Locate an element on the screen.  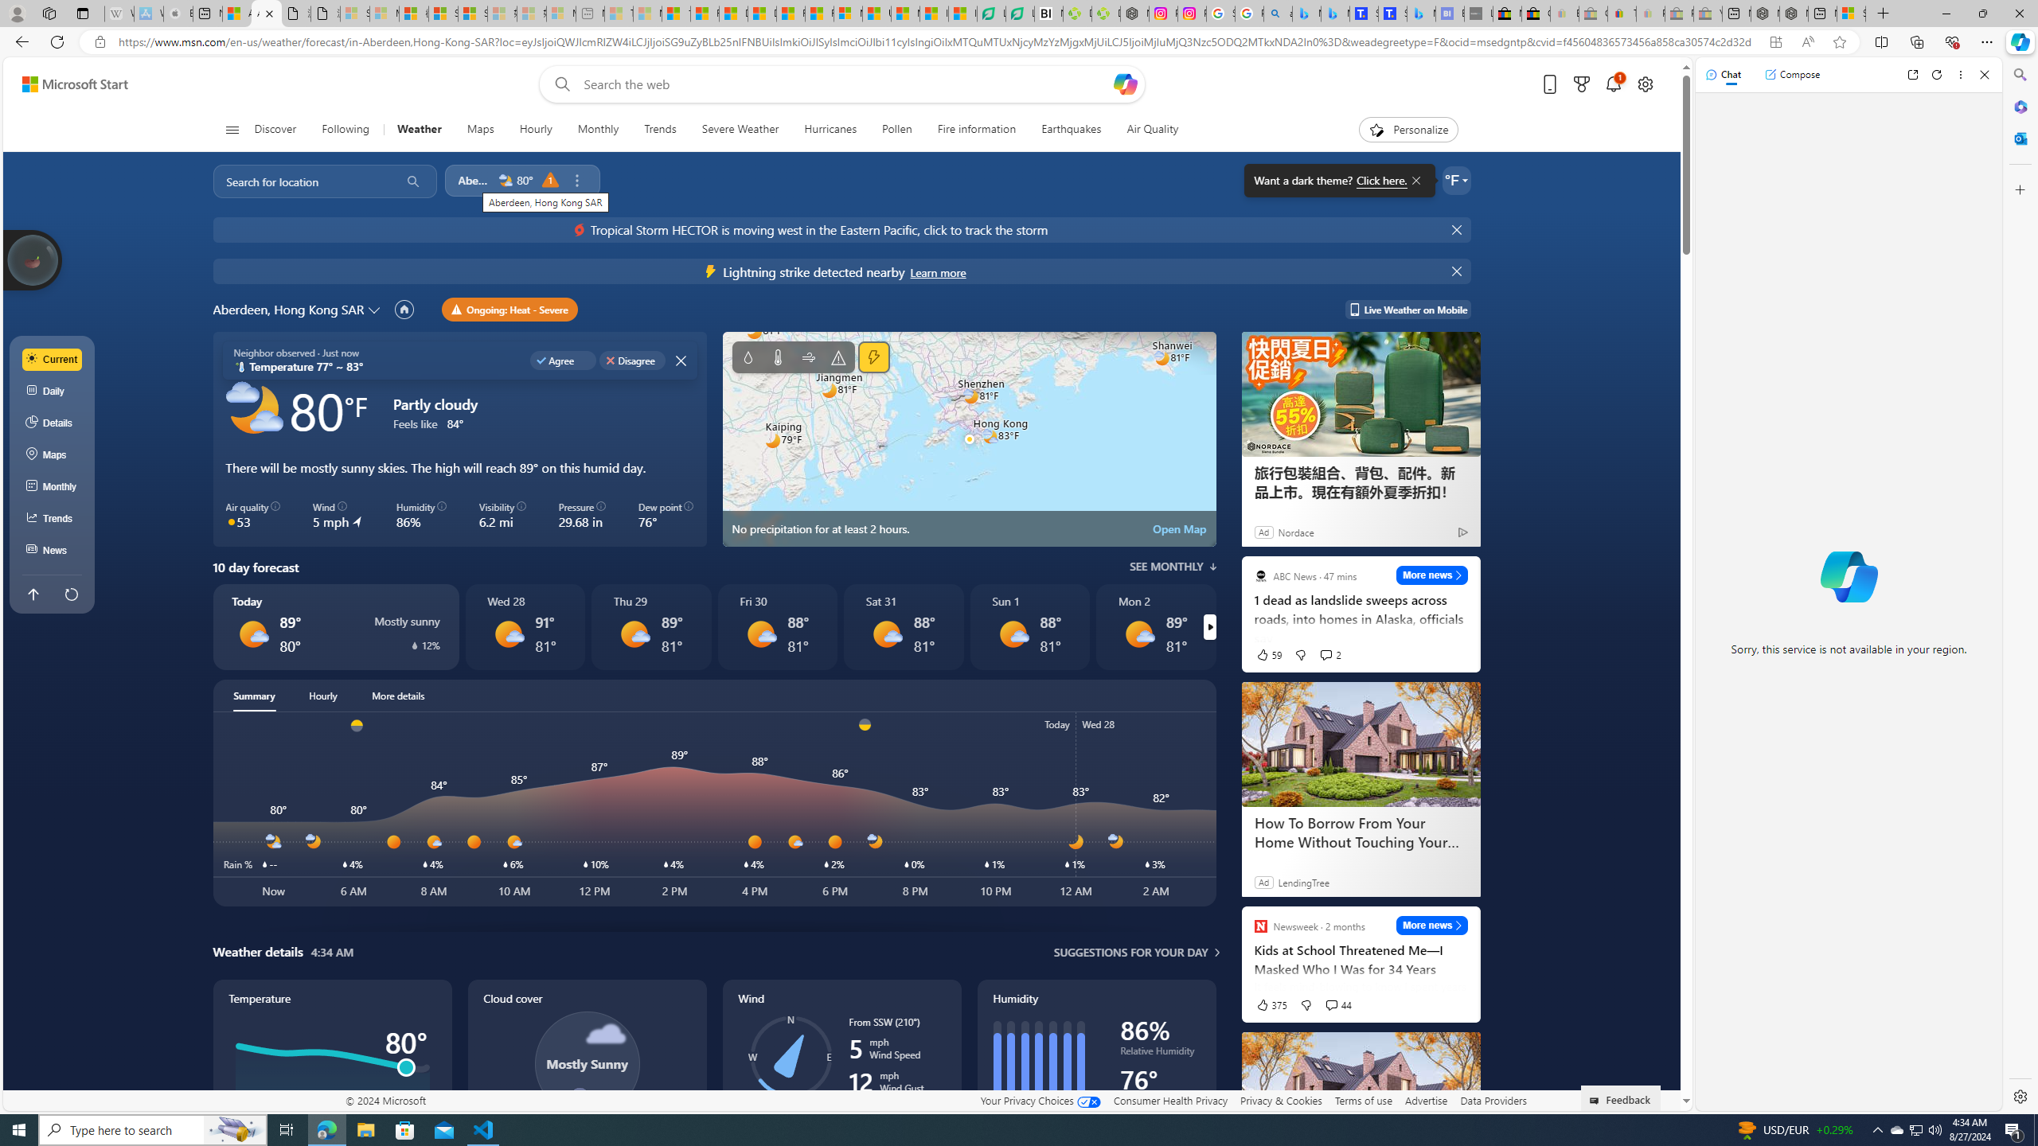
'App available. Install Microsoft Start Weather' is located at coordinates (1775, 42).